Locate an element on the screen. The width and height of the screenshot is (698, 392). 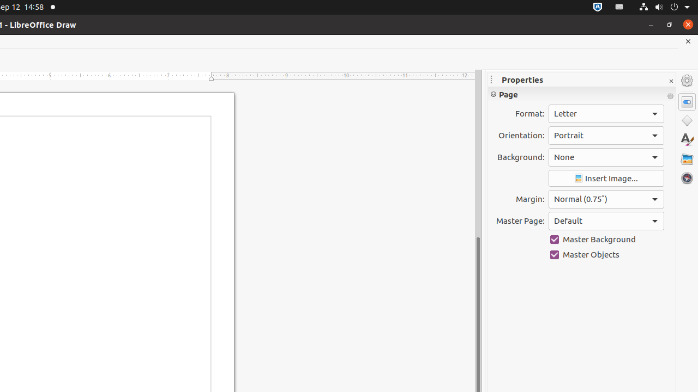
'Styles' is located at coordinates (687, 139).